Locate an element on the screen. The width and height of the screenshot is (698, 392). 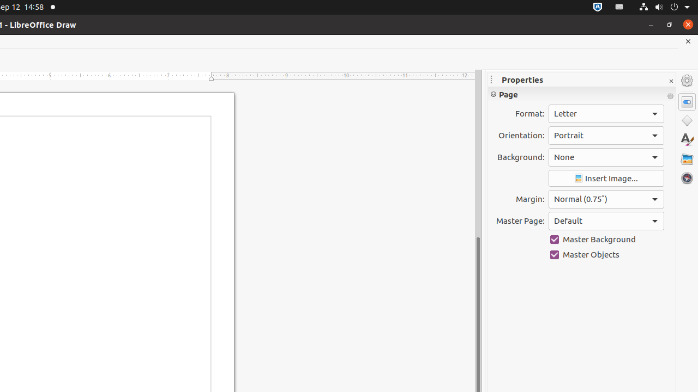
'Styles' is located at coordinates (687, 139).